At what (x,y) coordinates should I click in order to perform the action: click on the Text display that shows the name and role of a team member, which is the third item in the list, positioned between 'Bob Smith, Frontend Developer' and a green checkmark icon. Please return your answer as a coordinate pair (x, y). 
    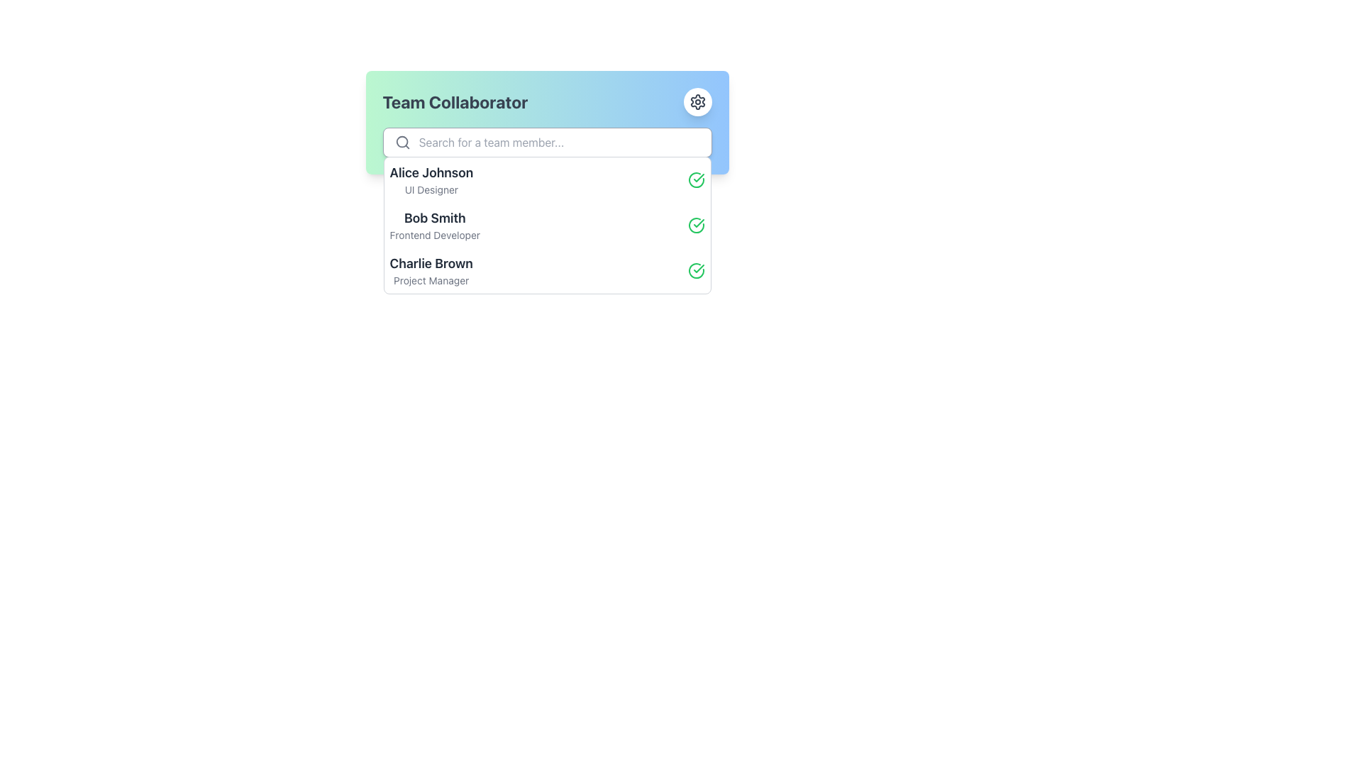
    Looking at the image, I should click on (431, 270).